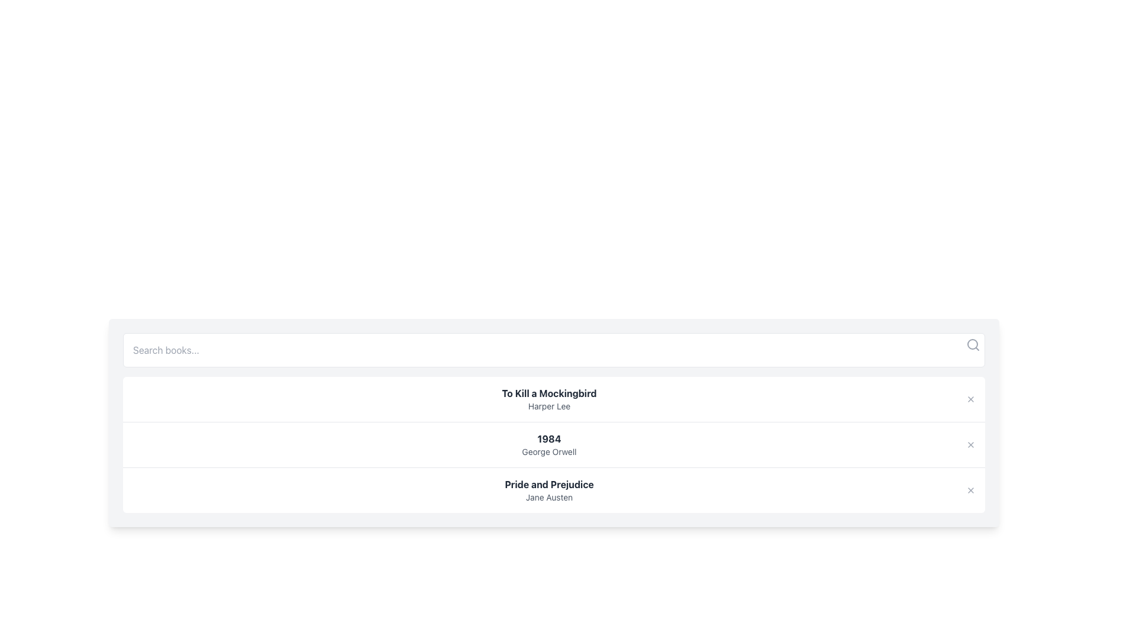 Image resolution: width=1136 pixels, height=639 pixels. I want to click on the list item titled '1984' by George Orwell, so click(548, 445).